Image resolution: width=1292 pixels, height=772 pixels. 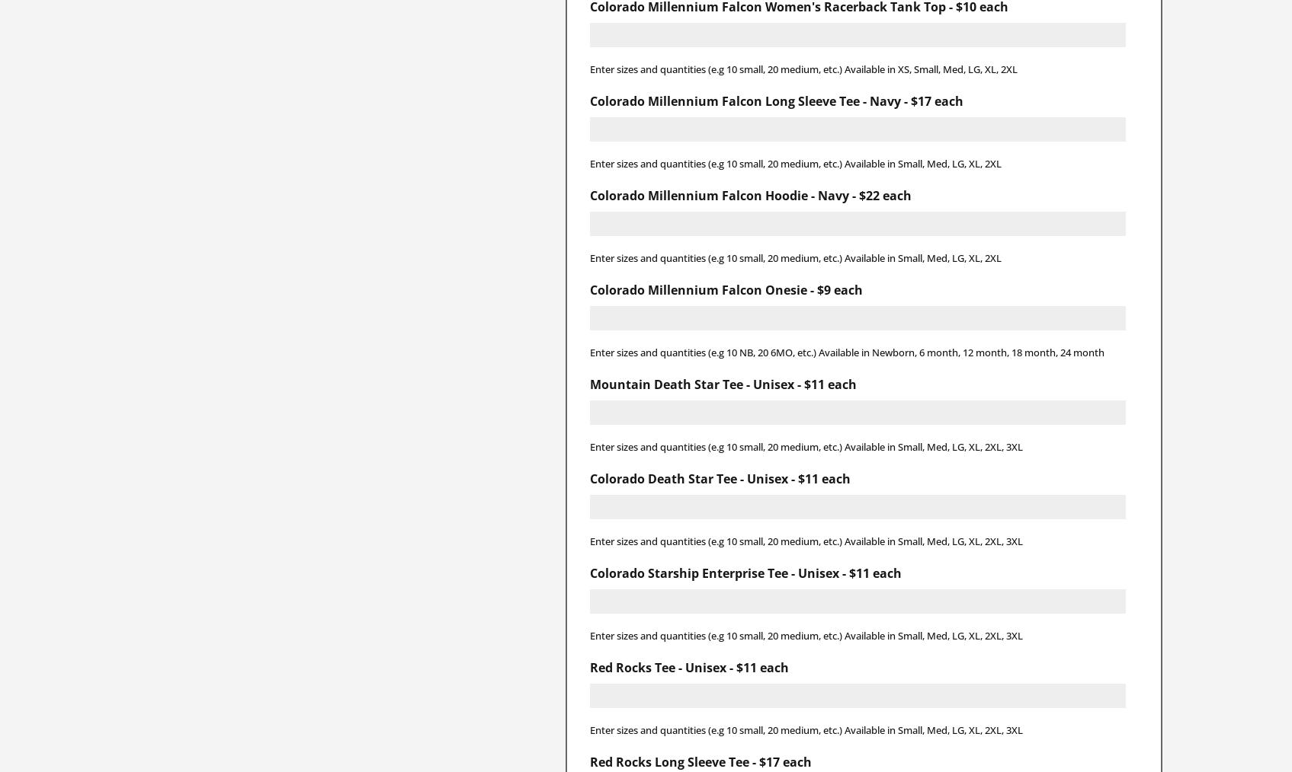 I want to click on 'Colorado Millennium Falcon Hoodie - Navy - $22 each', so click(x=588, y=195).